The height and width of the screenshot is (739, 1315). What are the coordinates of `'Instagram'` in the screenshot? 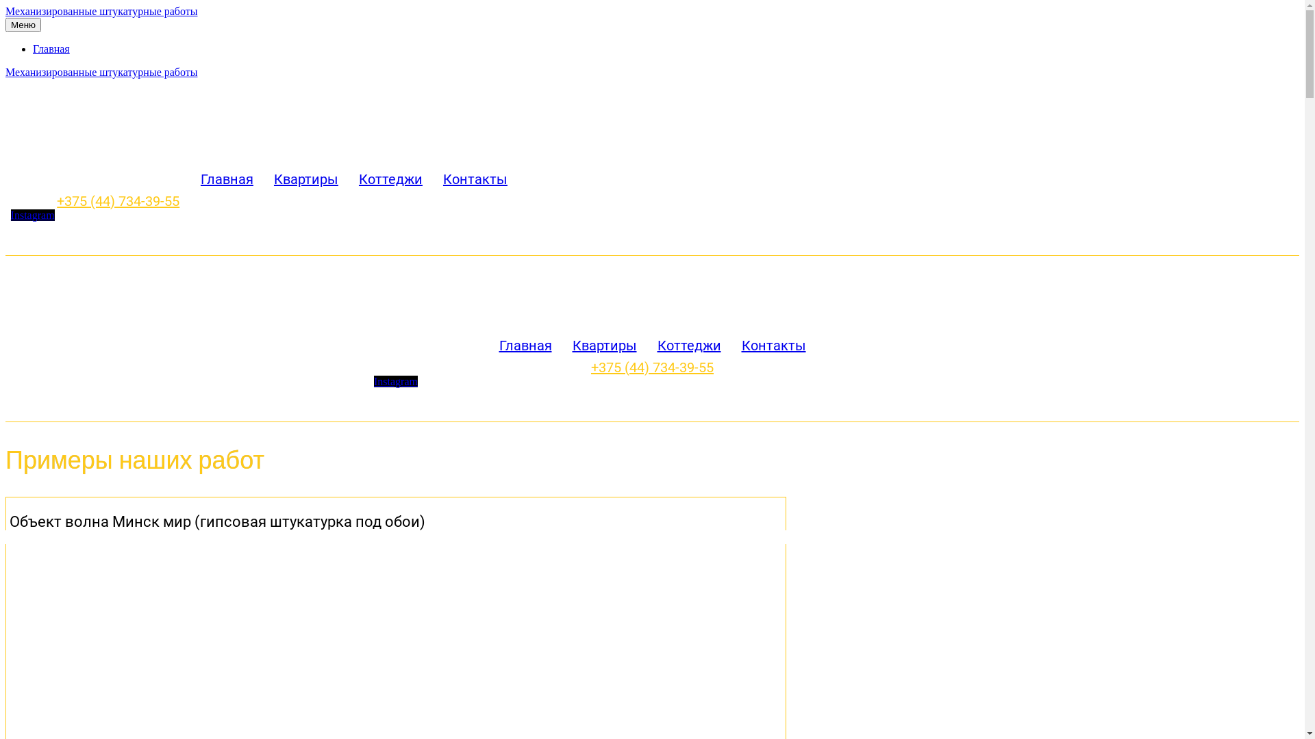 It's located at (394, 381).